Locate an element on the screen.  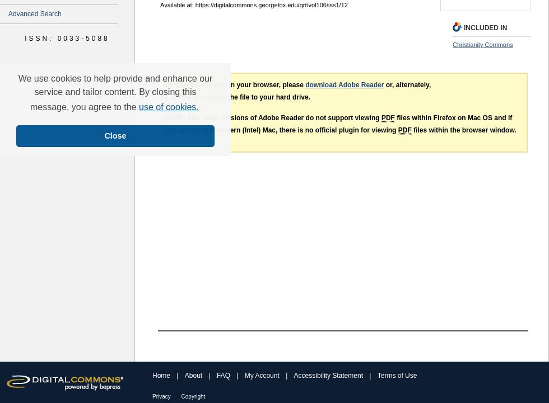
'ISSN: 0033-5088' is located at coordinates (67, 37).